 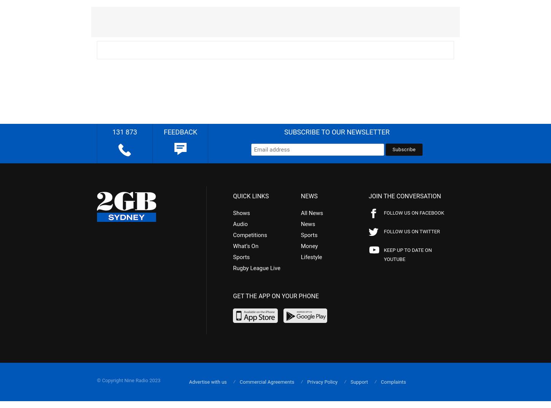 What do you see at coordinates (233, 196) in the screenshot?
I see `'QUICK LINKS'` at bounding box center [233, 196].